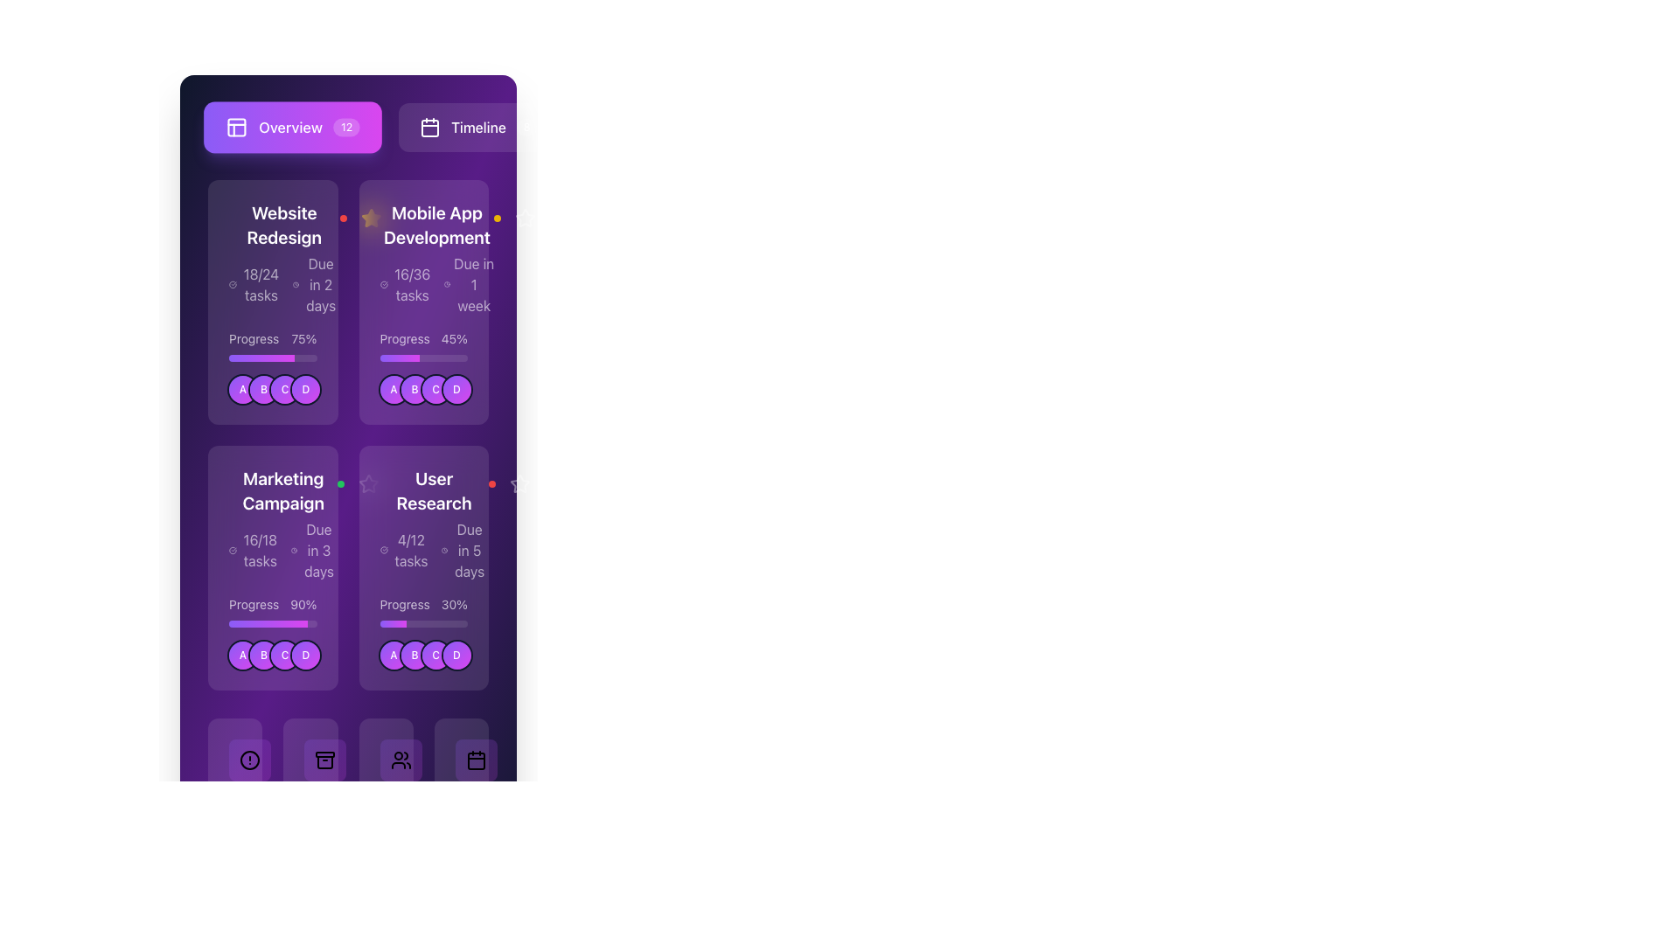 The width and height of the screenshot is (1679, 944). I want to click on the yellow star-shaped icon located in the top-right corner of the 'Mobile App Development' card, so click(370, 218).